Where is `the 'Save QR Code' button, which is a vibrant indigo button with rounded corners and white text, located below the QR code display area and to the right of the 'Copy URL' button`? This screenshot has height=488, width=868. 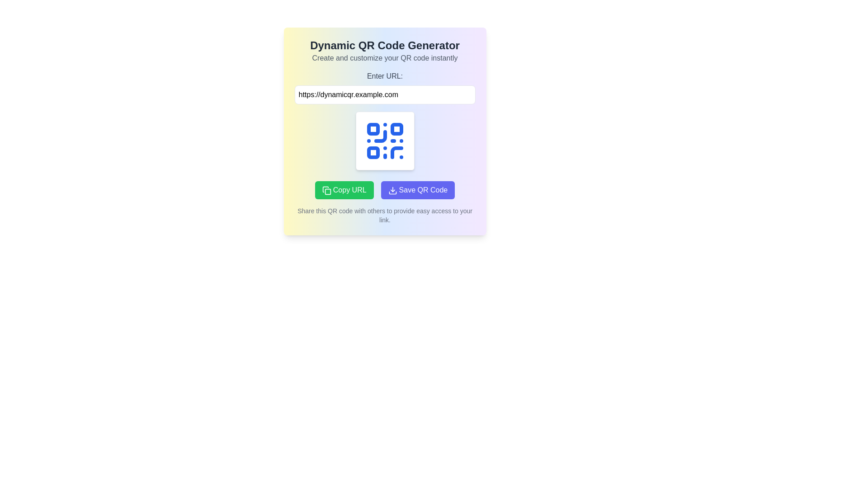
the 'Save QR Code' button, which is a vibrant indigo button with rounded corners and white text, located below the QR code display area and to the right of the 'Copy URL' button is located at coordinates (417, 189).